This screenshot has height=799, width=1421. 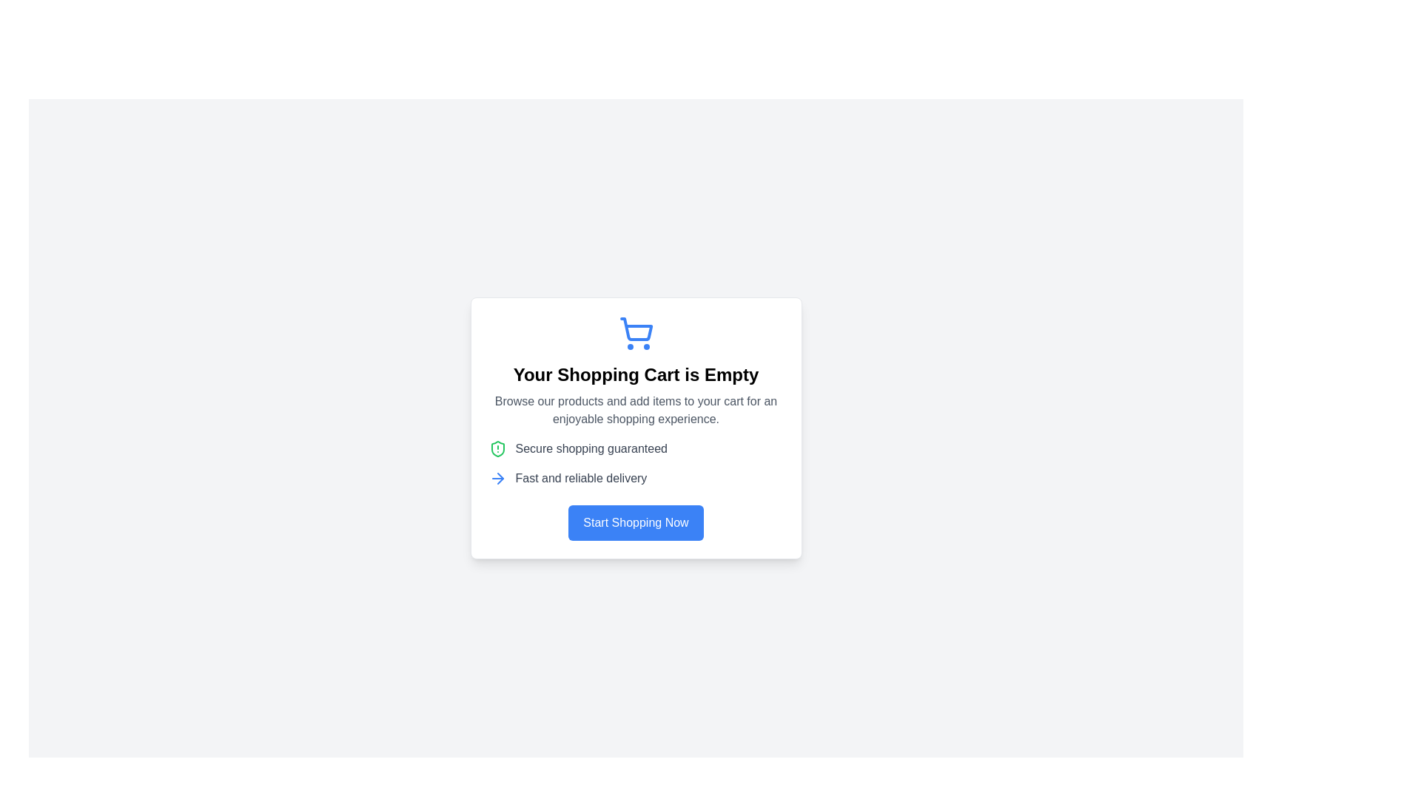 What do you see at coordinates (636, 334) in the screenshot?
I see `the blue shopping cart icon located at the center-top of the white card above the text 'Your Shopping Cart is Empty.'` at bounding box center [636, 334].